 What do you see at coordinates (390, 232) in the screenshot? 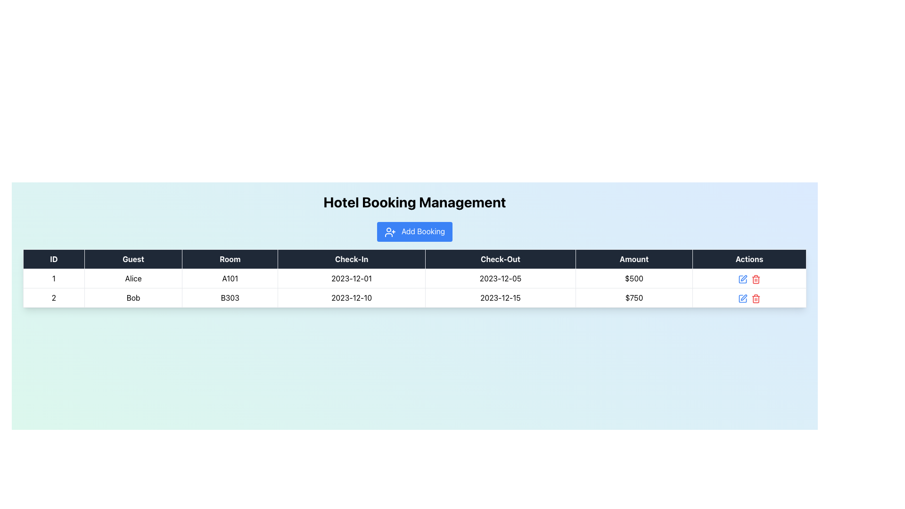
I see `the Decorative Icon pictogram of a user with a '+' sign next to it, which is located within the 'Add Booking' button` at bounding box center [390, 232].